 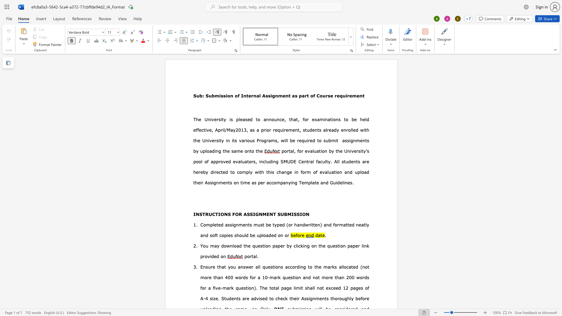 What do you see at coordinates (259, 267) in the screenshot?
I see `the space between the continuous character "l" and "l" in the text` at bounding box center [259, 267].